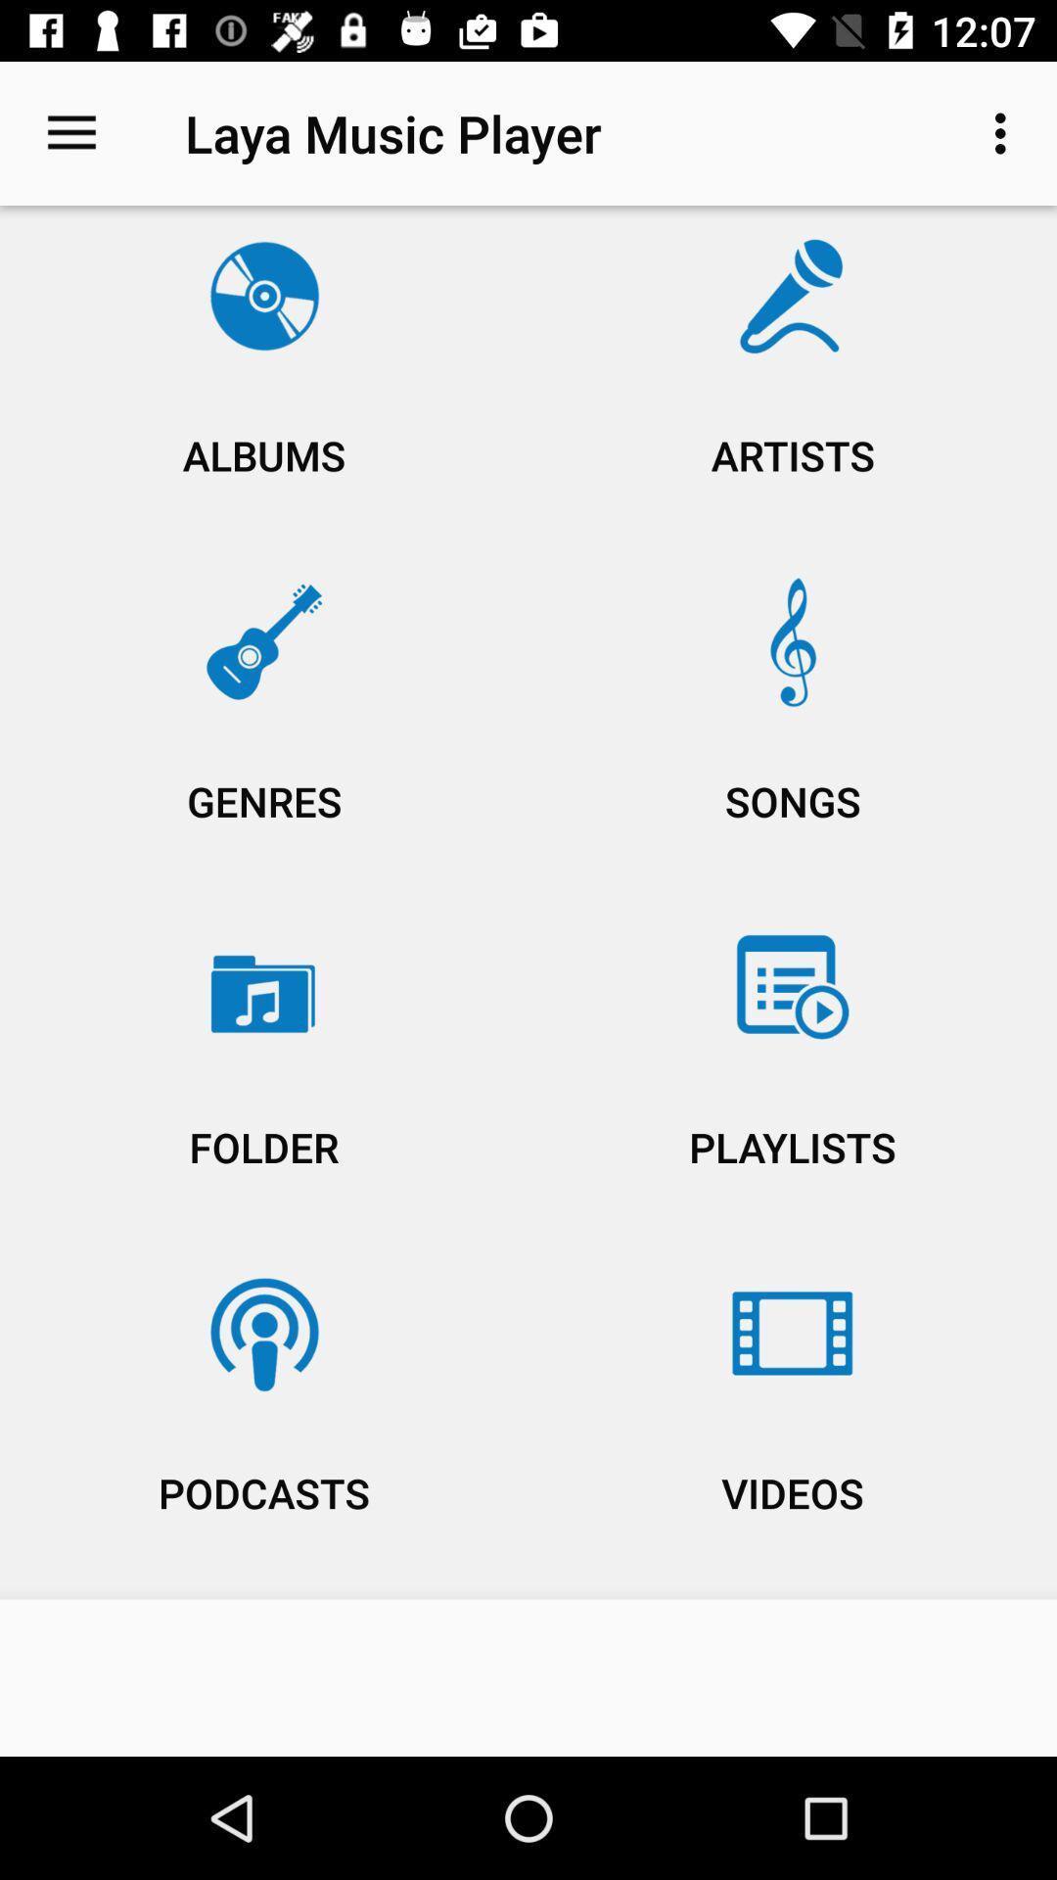 Image resolution: width=1057 pixels, height=1880 pixels. What do you see at coordinates (264, 728) in the screenshot?
I see `genres item` at bounding box center [264, 728].